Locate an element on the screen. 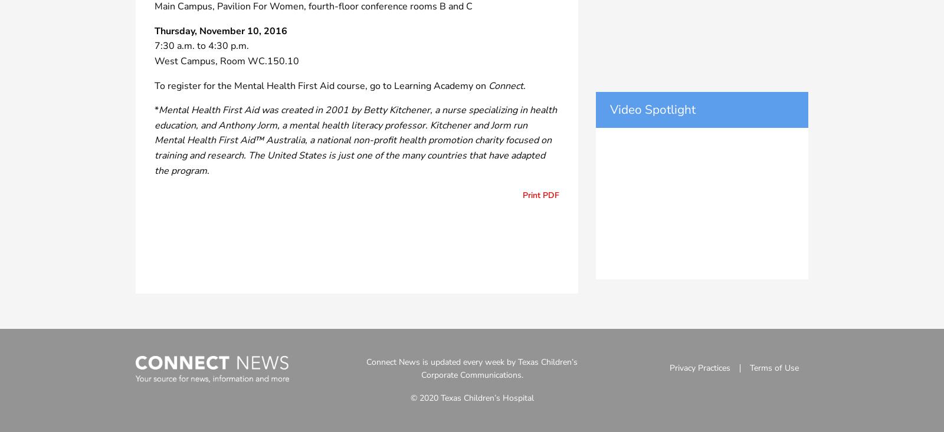 This screenshot has width=944, height=432. 'Connect News is updated every week by Texas Children’s Corporate Communications.' is located at coordinates (366, 368).